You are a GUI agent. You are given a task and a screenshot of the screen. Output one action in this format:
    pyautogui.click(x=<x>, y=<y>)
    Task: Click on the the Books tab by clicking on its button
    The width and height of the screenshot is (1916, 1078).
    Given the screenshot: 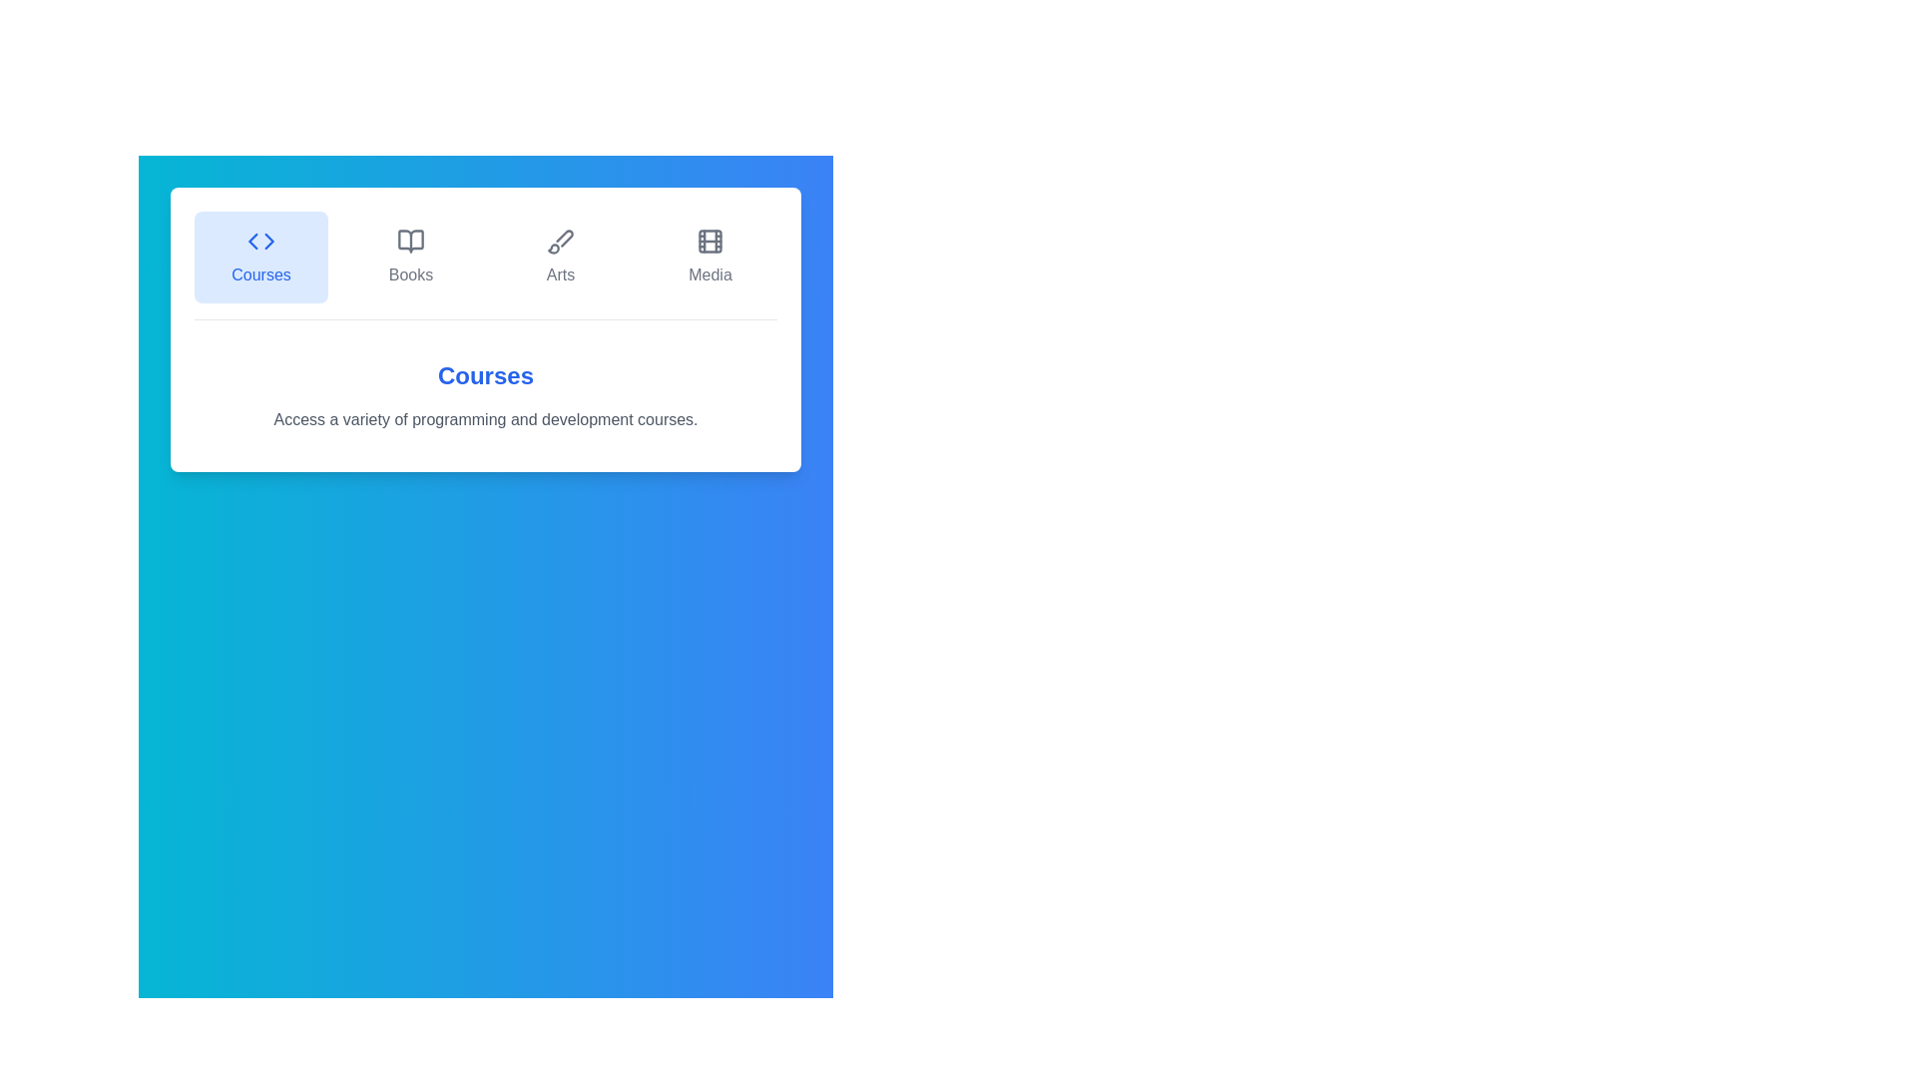 What is the action you would take?
    pyautogui.click(x=410, y=257)
    